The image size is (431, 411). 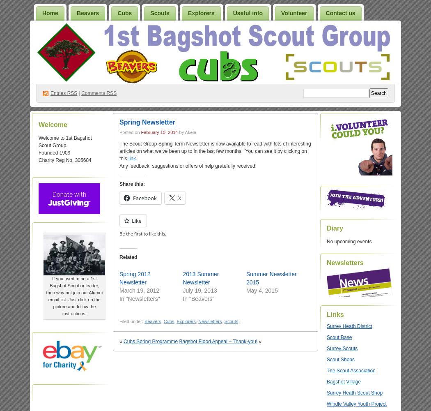 I want to click on 'The Scout Association', so click(x=351, y=371).